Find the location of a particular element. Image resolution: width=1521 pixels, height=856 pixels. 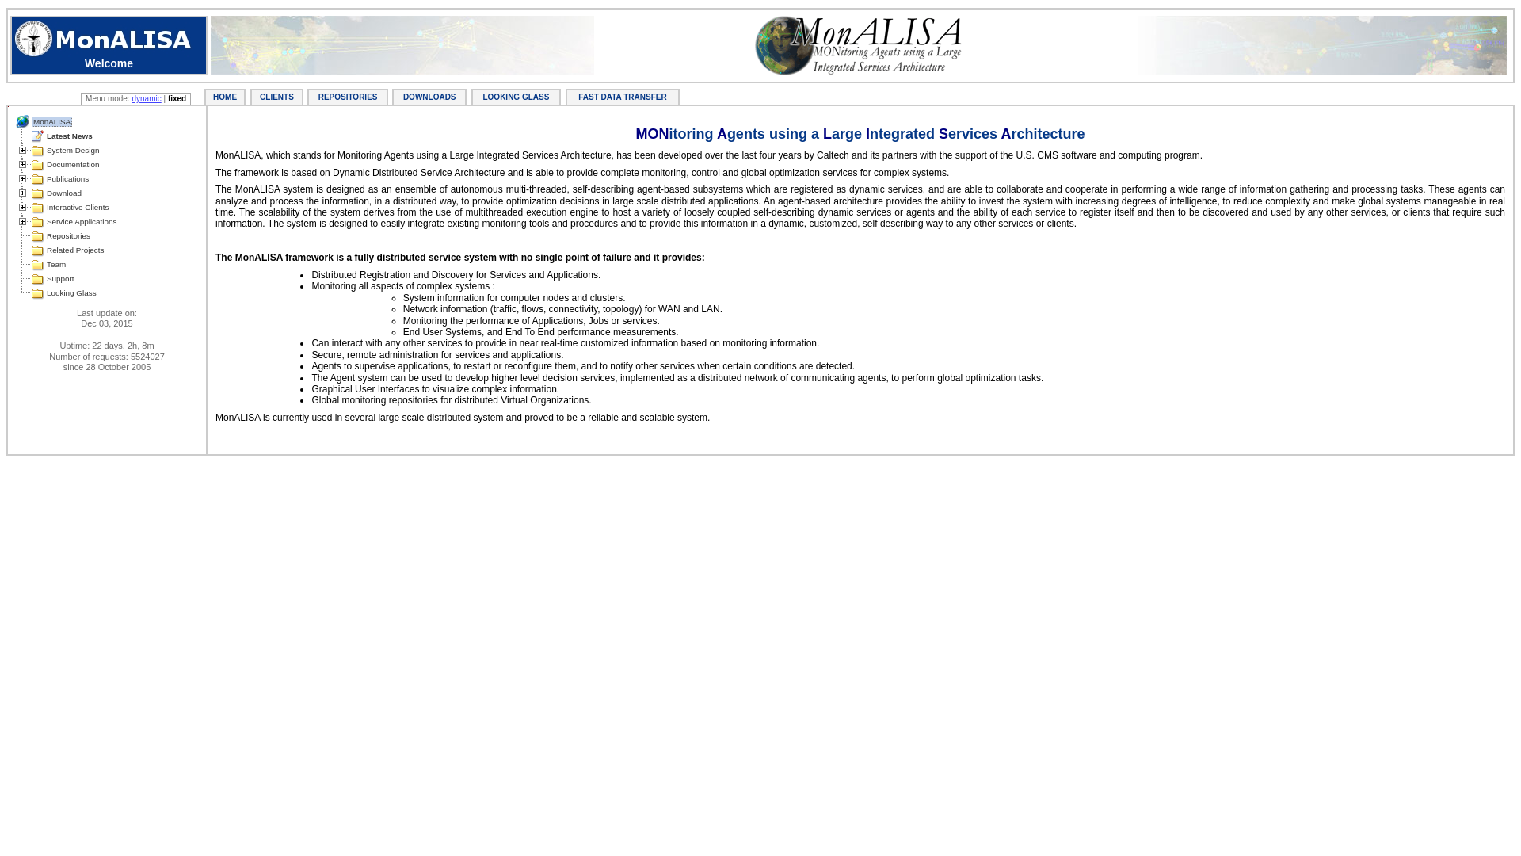

'System Design' is located at coordinates (71, 150).